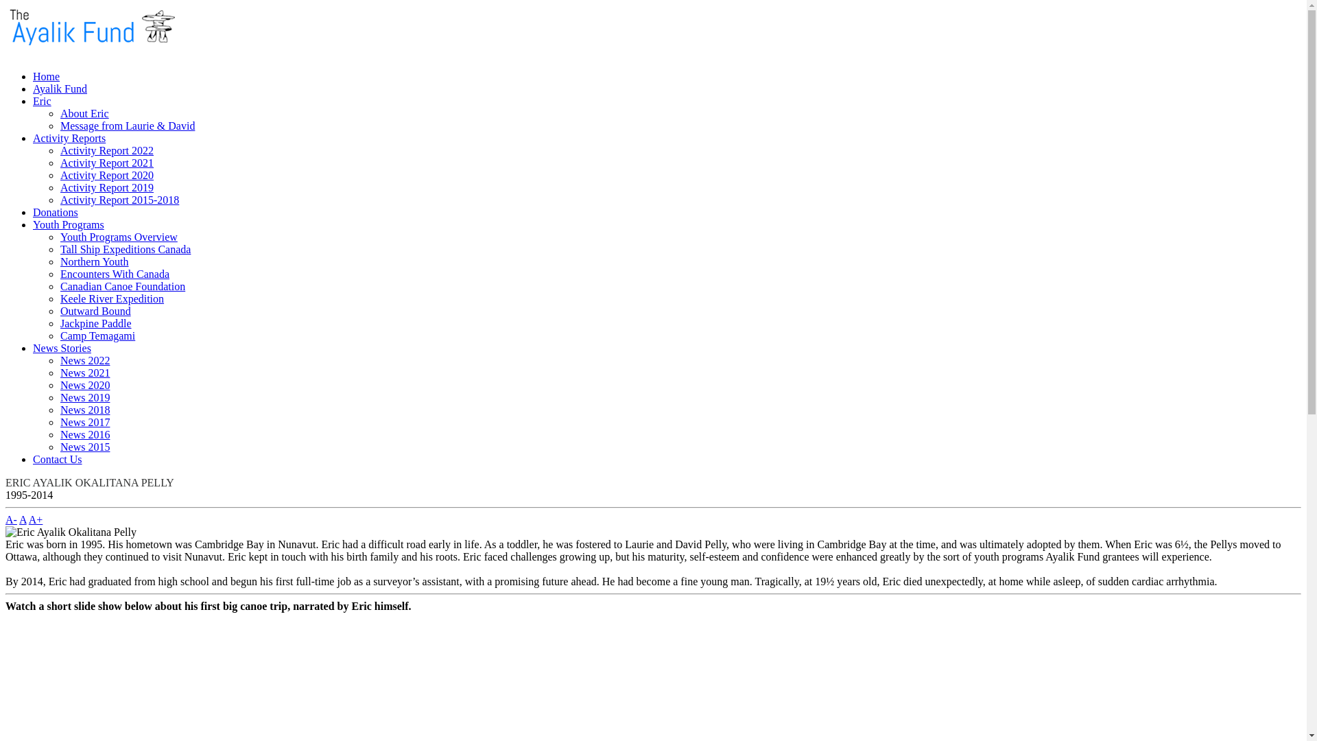 Image resolution: width=1317 pixels, height=741 pixels. I want to click on 'Activity Report 2020', so click(106, 174).